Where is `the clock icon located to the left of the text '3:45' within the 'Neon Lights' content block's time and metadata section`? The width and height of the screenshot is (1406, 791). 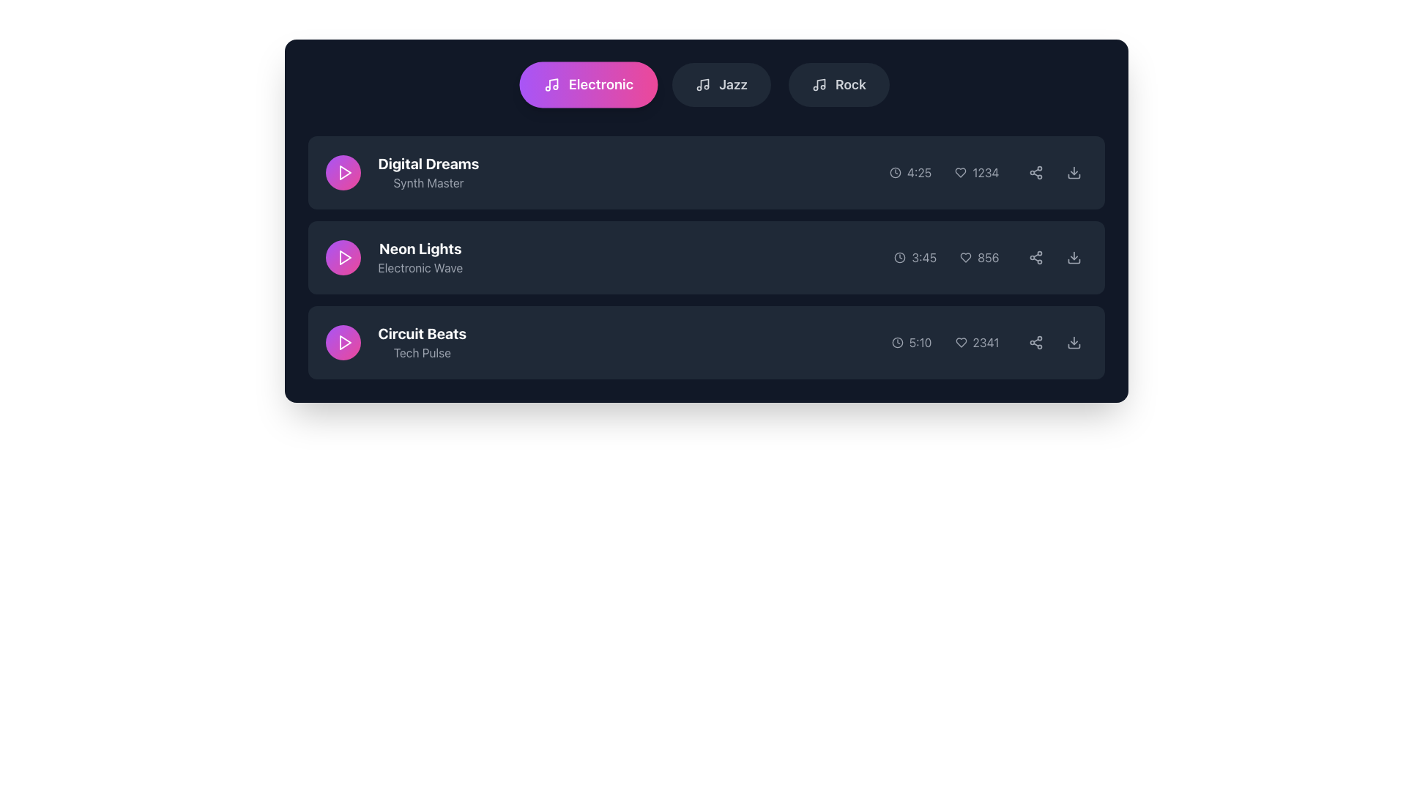 the clock icon located to the left of the text '3:45' within the 'Neon Lights' content block's time and metadata section is located at coordinates (899, 256).